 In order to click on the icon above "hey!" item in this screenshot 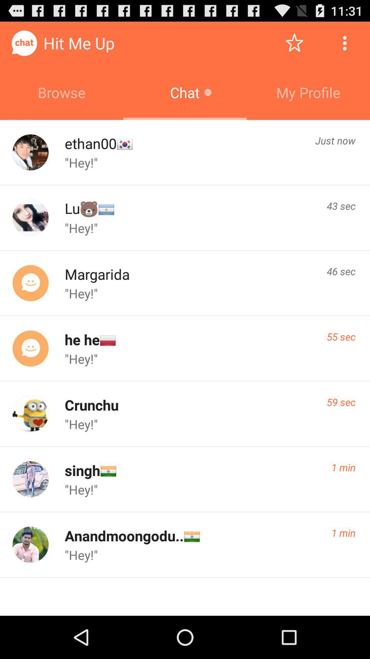, I will do `click(82, 339)`.